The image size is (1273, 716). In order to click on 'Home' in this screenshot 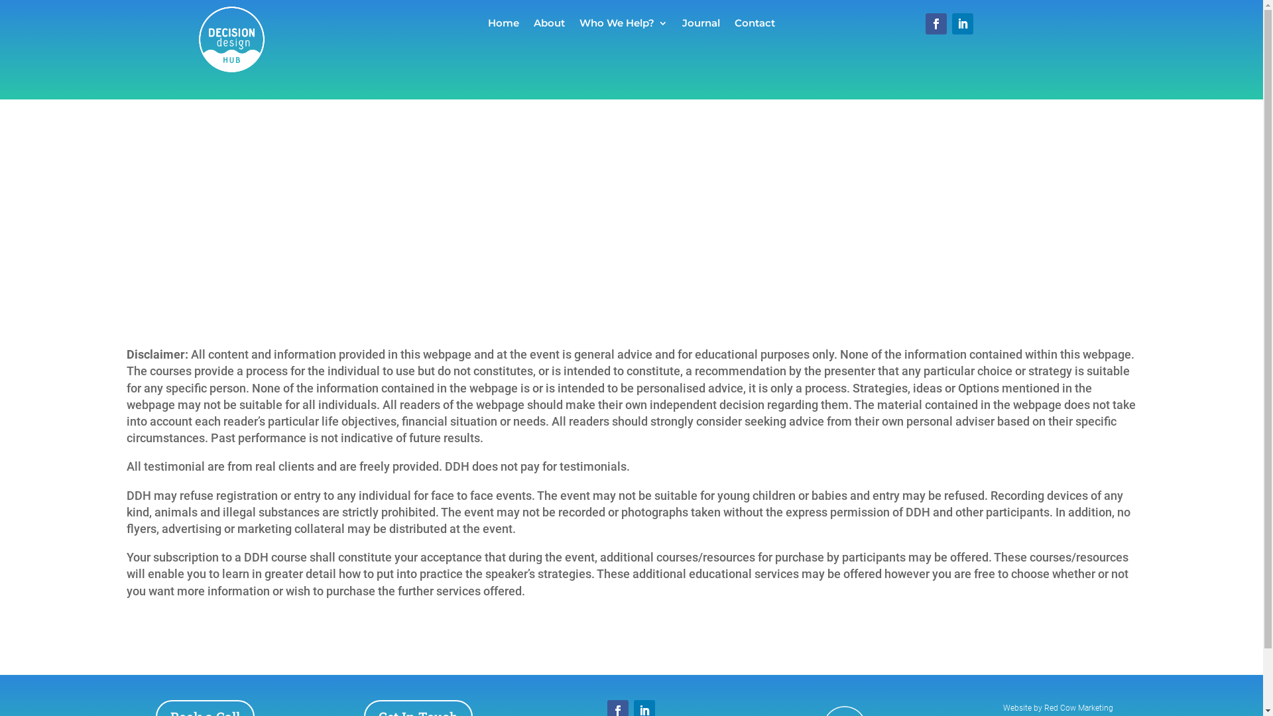, I will do `click(503, 25)`.